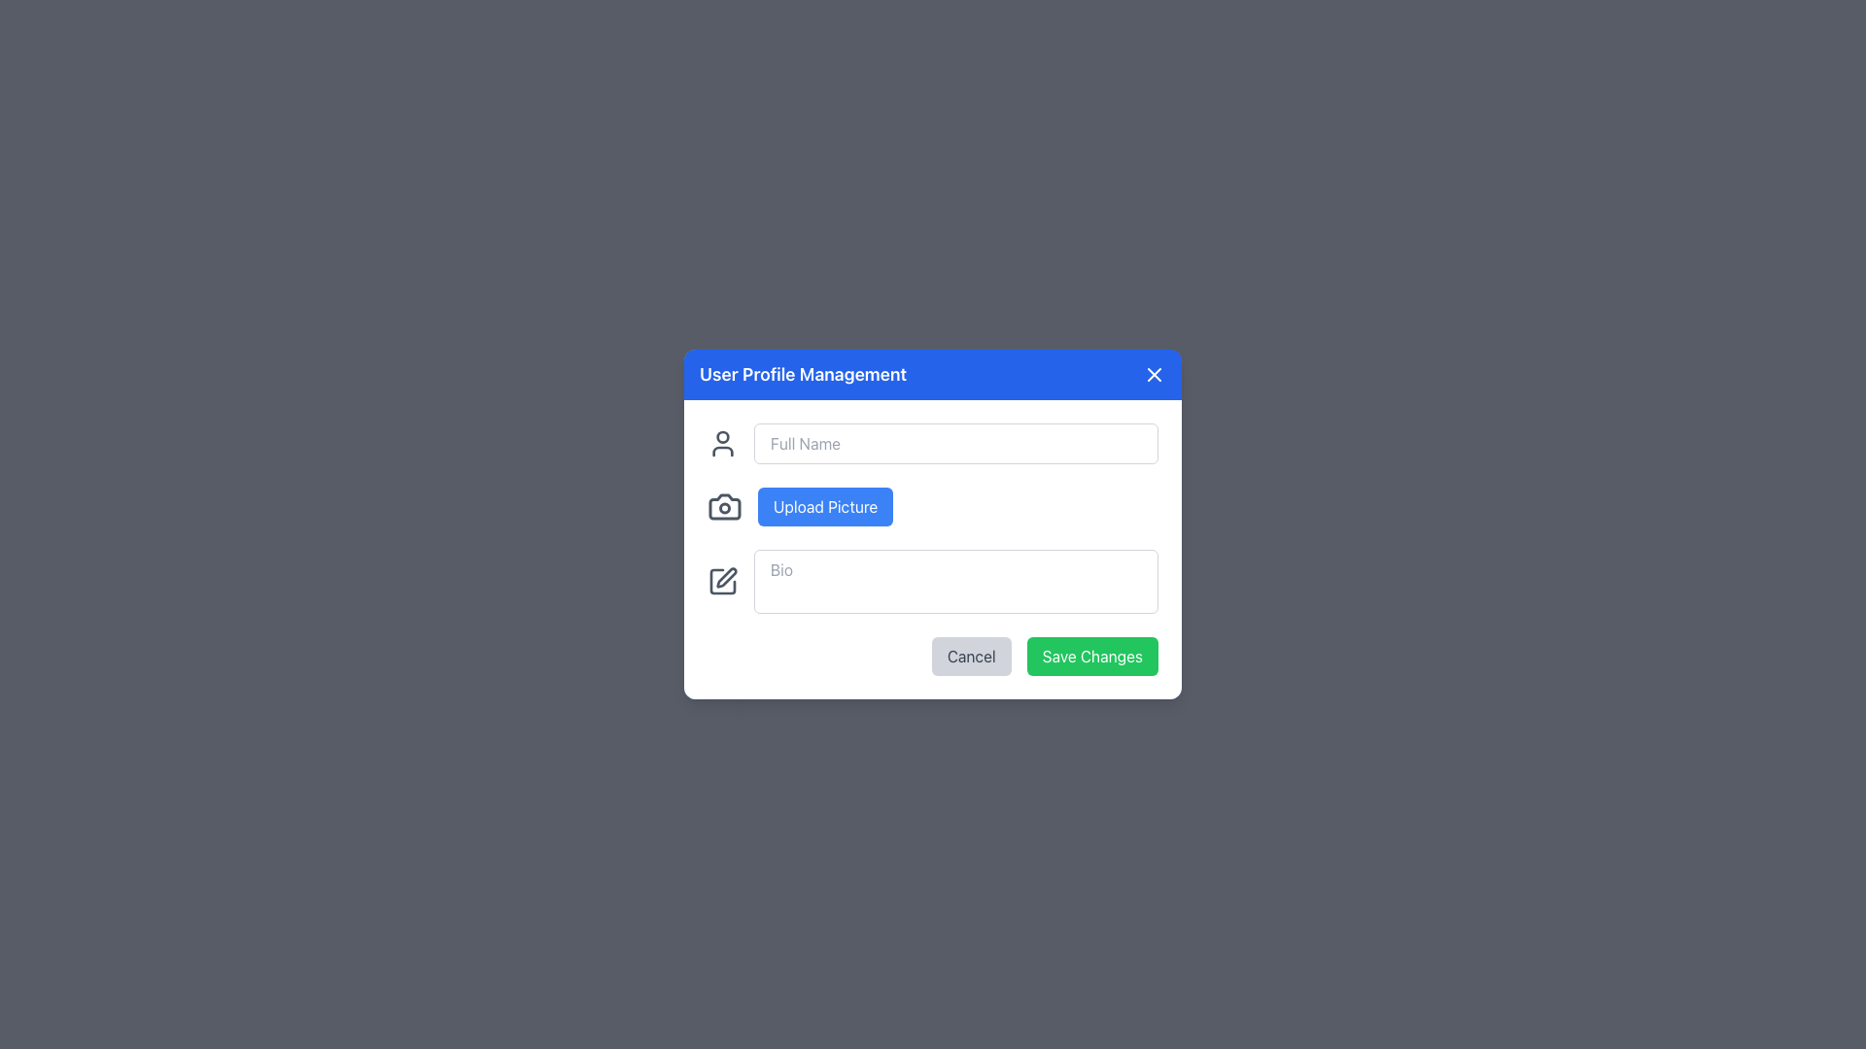 This screenshot has width=1866, height=1049. Describe the element at coordinates (825, 505) in the screenshot. I see `the button to upload a picture located in the 'User Profile Management' dialog box, positioned to the right of a camera icon as the second element in the row` at that location.